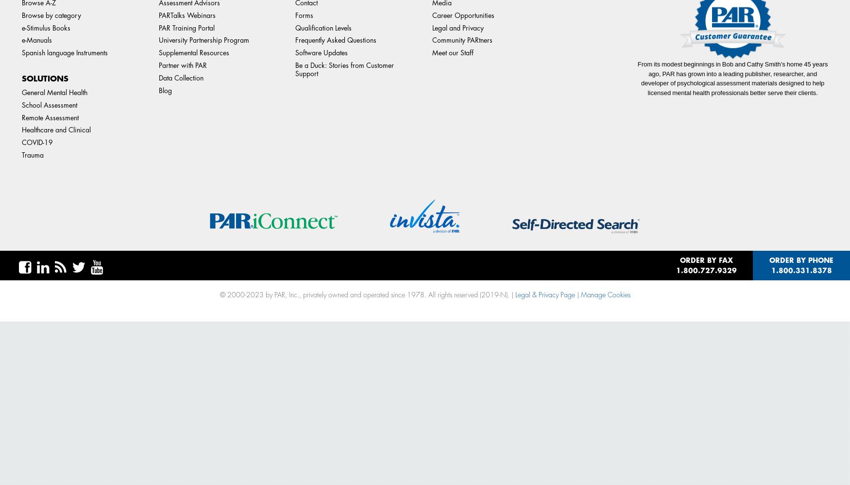 The height and width of the screenshot is (485, 850). What do you see at coordinates (458, 28) in the screenshot?
I see `'Legal and Privacy'` at bounding box center [458, 28].